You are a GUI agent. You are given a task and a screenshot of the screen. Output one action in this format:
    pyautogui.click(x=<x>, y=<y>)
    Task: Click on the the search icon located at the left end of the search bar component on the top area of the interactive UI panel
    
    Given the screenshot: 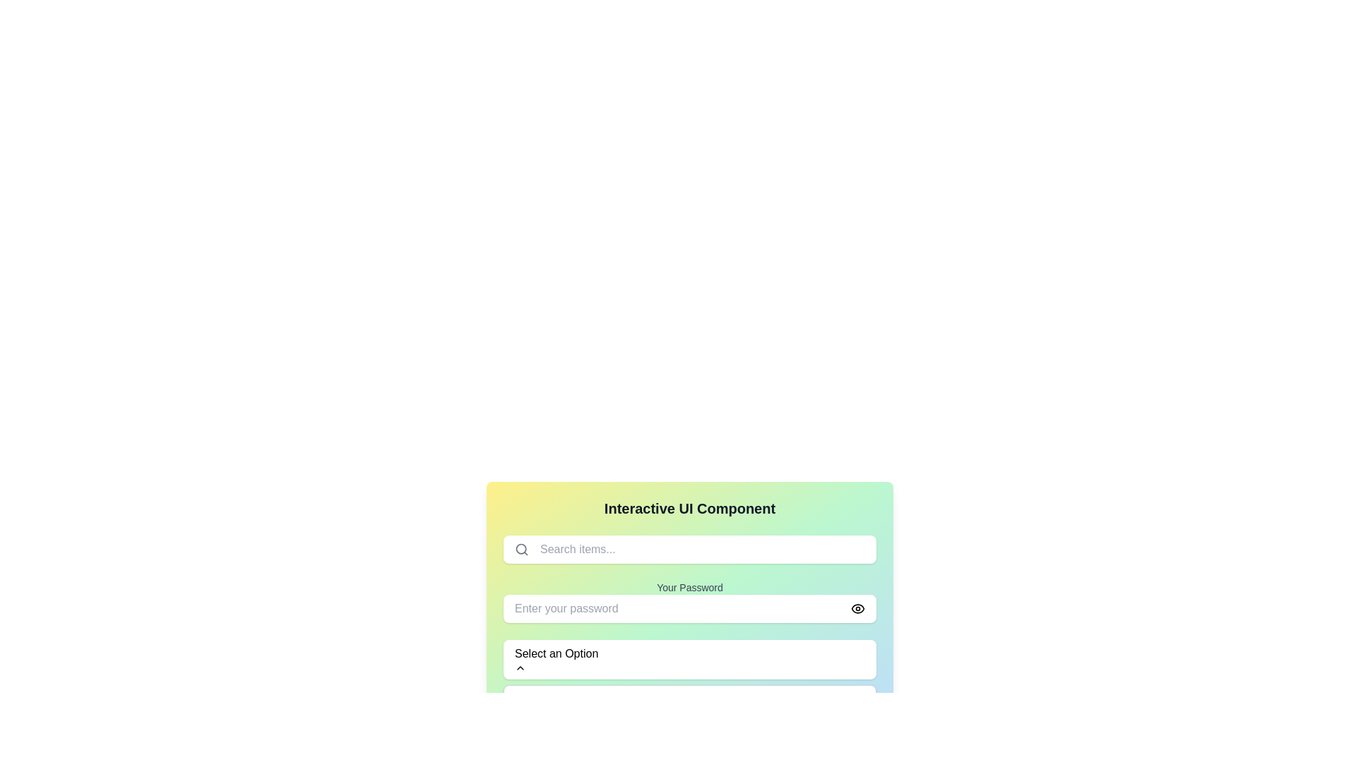 What is the action you would take?
    pyautogui.click(x=521, y=549)
    